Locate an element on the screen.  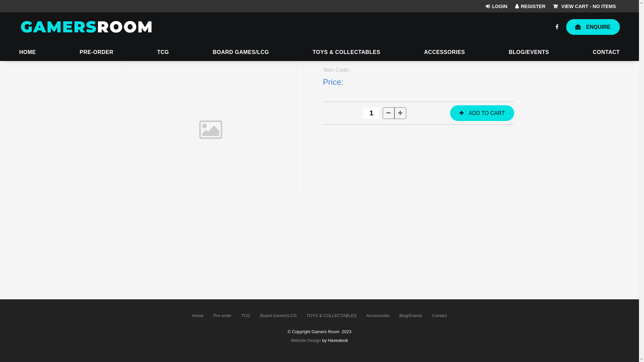
'ACCESSORIES' is located at coordinates (444, 52).